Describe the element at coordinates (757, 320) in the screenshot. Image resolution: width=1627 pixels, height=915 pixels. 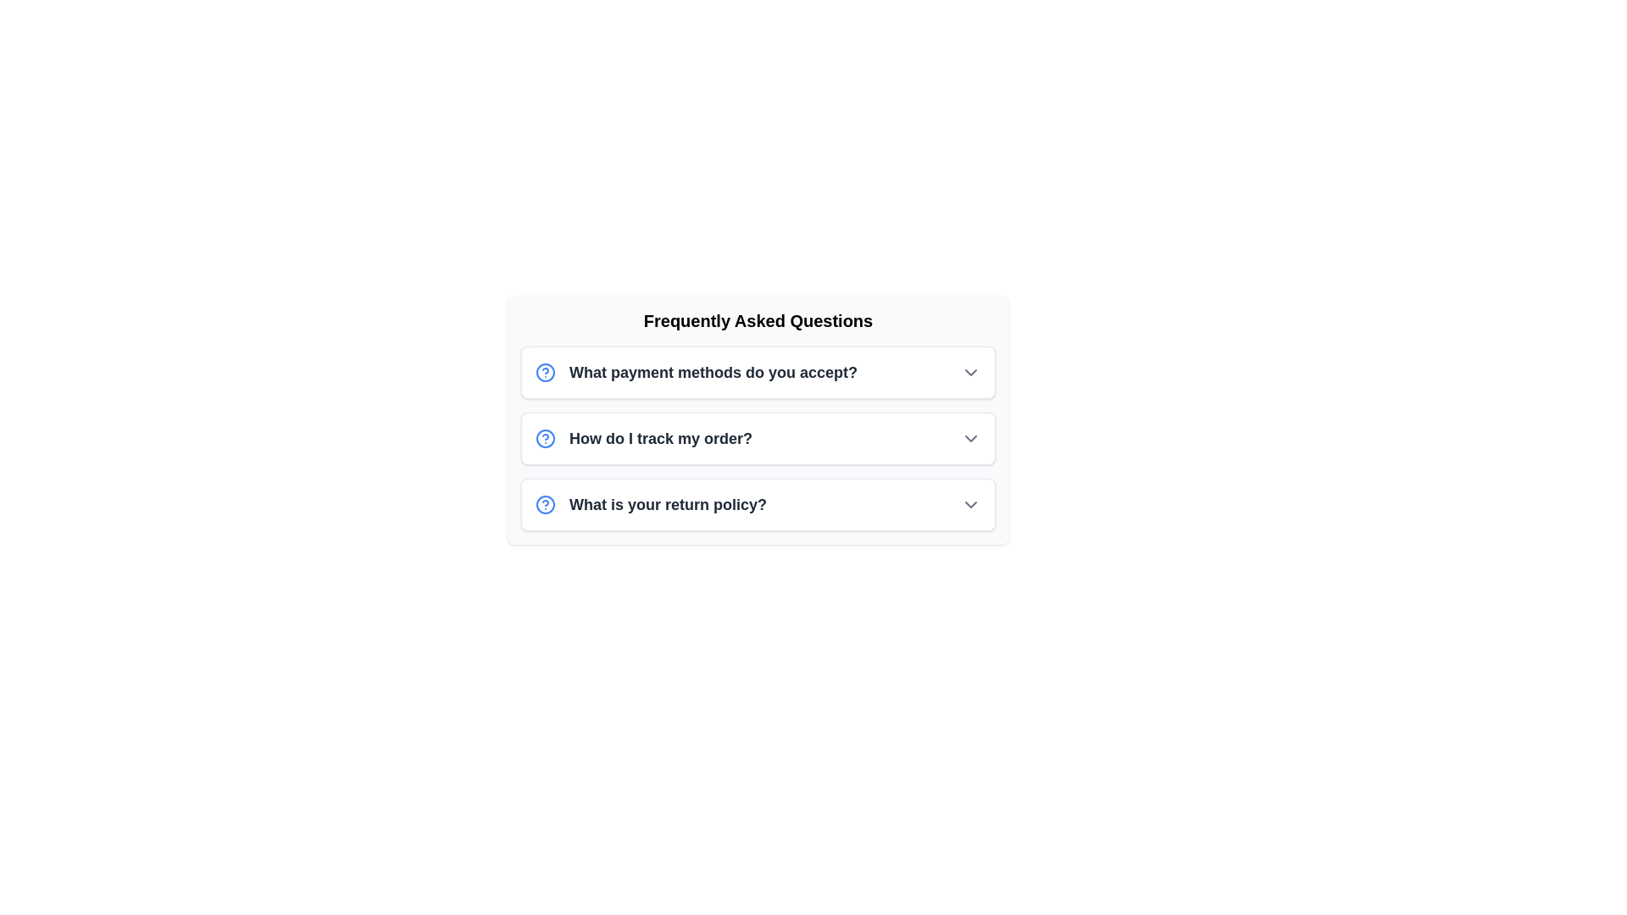
I see `text of the heading for the Frequently Asked Questions section, which is located at the top of the card-like section` at that location.